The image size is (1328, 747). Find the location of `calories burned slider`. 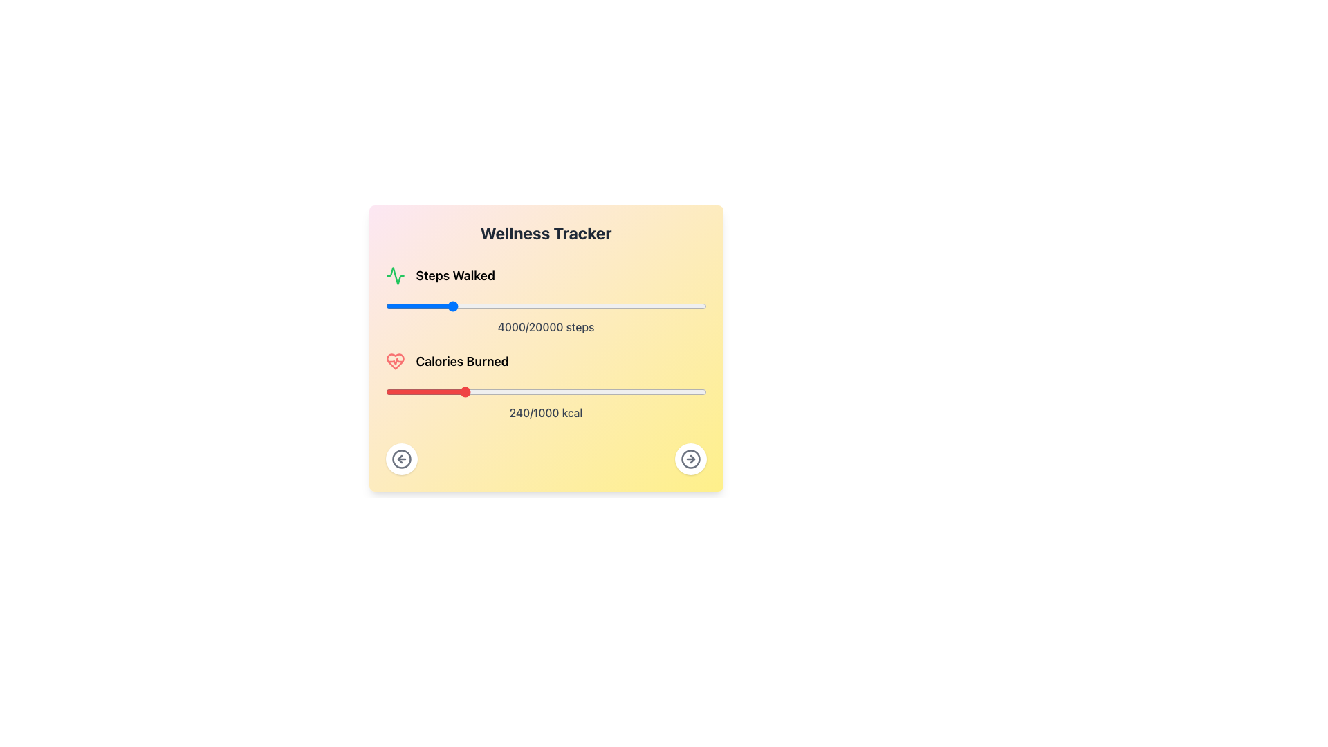

calories burned slider is located at coordinates (489, 392).